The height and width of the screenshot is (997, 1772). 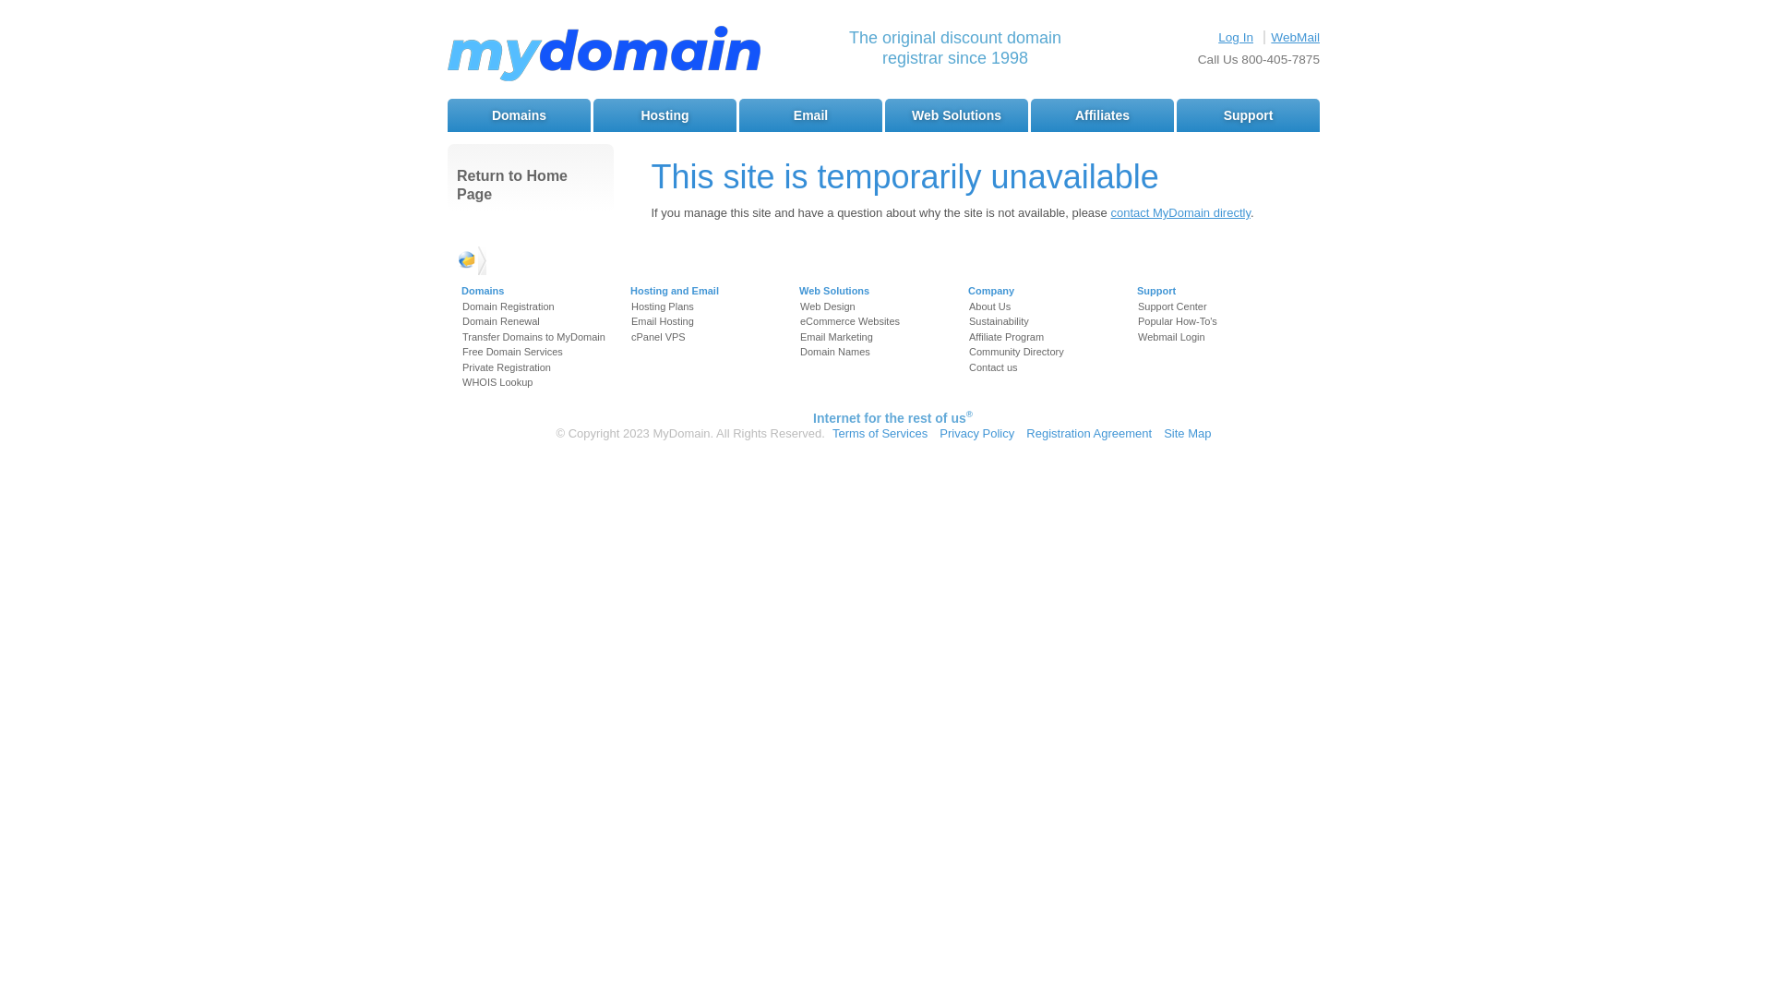 What do you see at coordinates (658, 337) in the screenshot?
I see `'cPanel VPS'` at bounding box center [658, 337].